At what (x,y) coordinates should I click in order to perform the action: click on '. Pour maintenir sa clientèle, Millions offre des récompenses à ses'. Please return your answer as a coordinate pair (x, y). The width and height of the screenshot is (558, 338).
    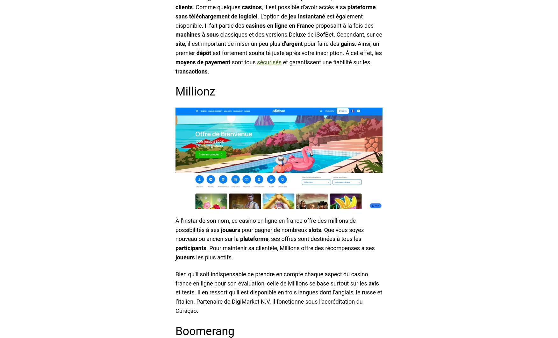
    Looking at the image, I should click on (290, 248).